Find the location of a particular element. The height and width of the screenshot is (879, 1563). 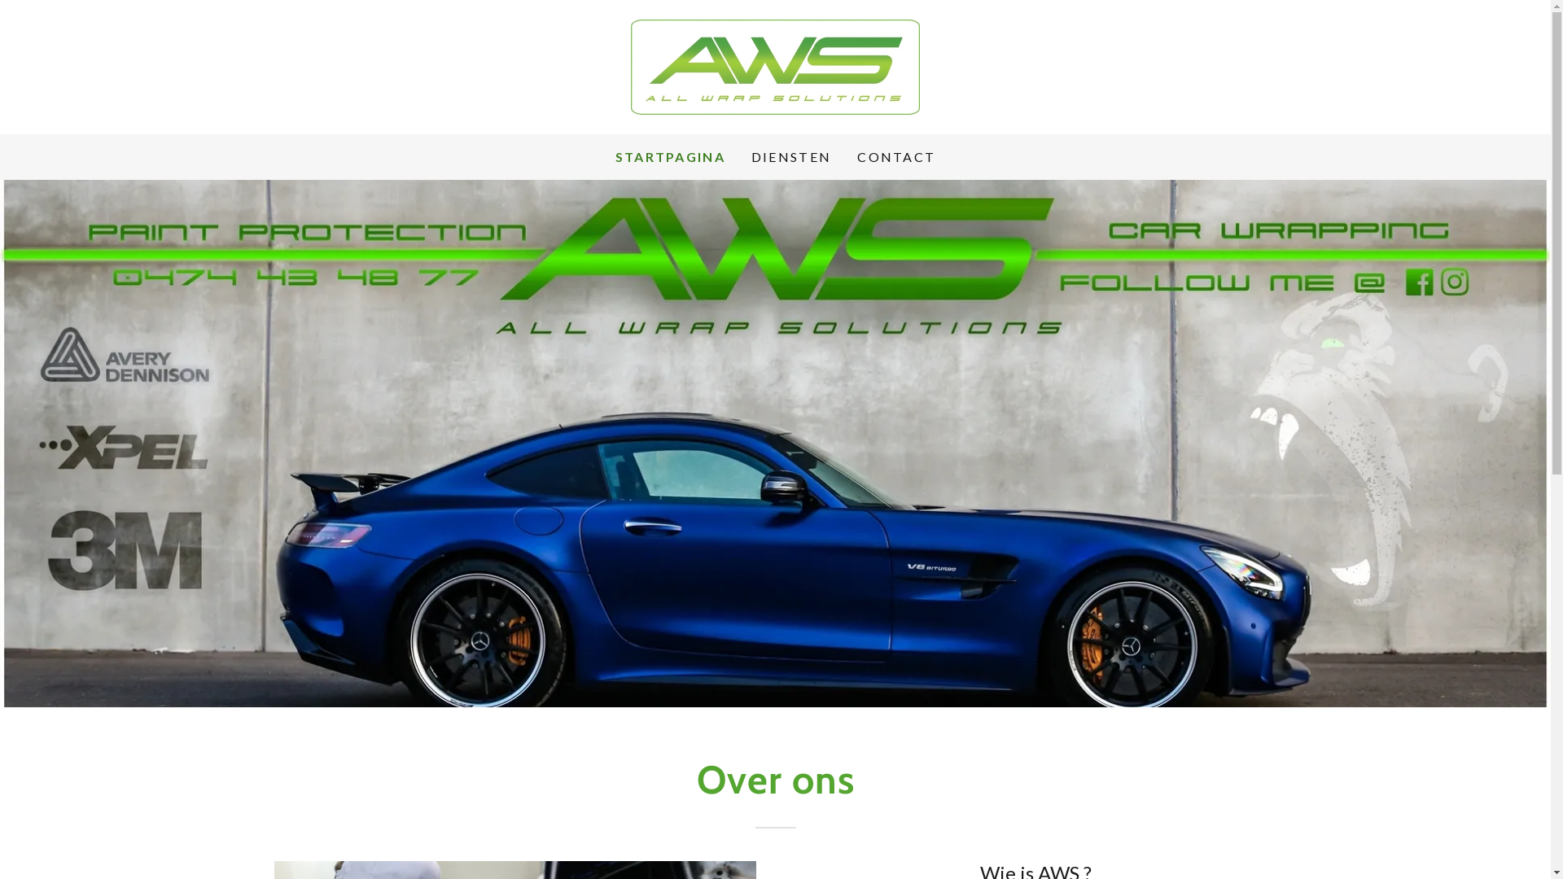

'DIENSTEN' is located at coordinates (790, 156).